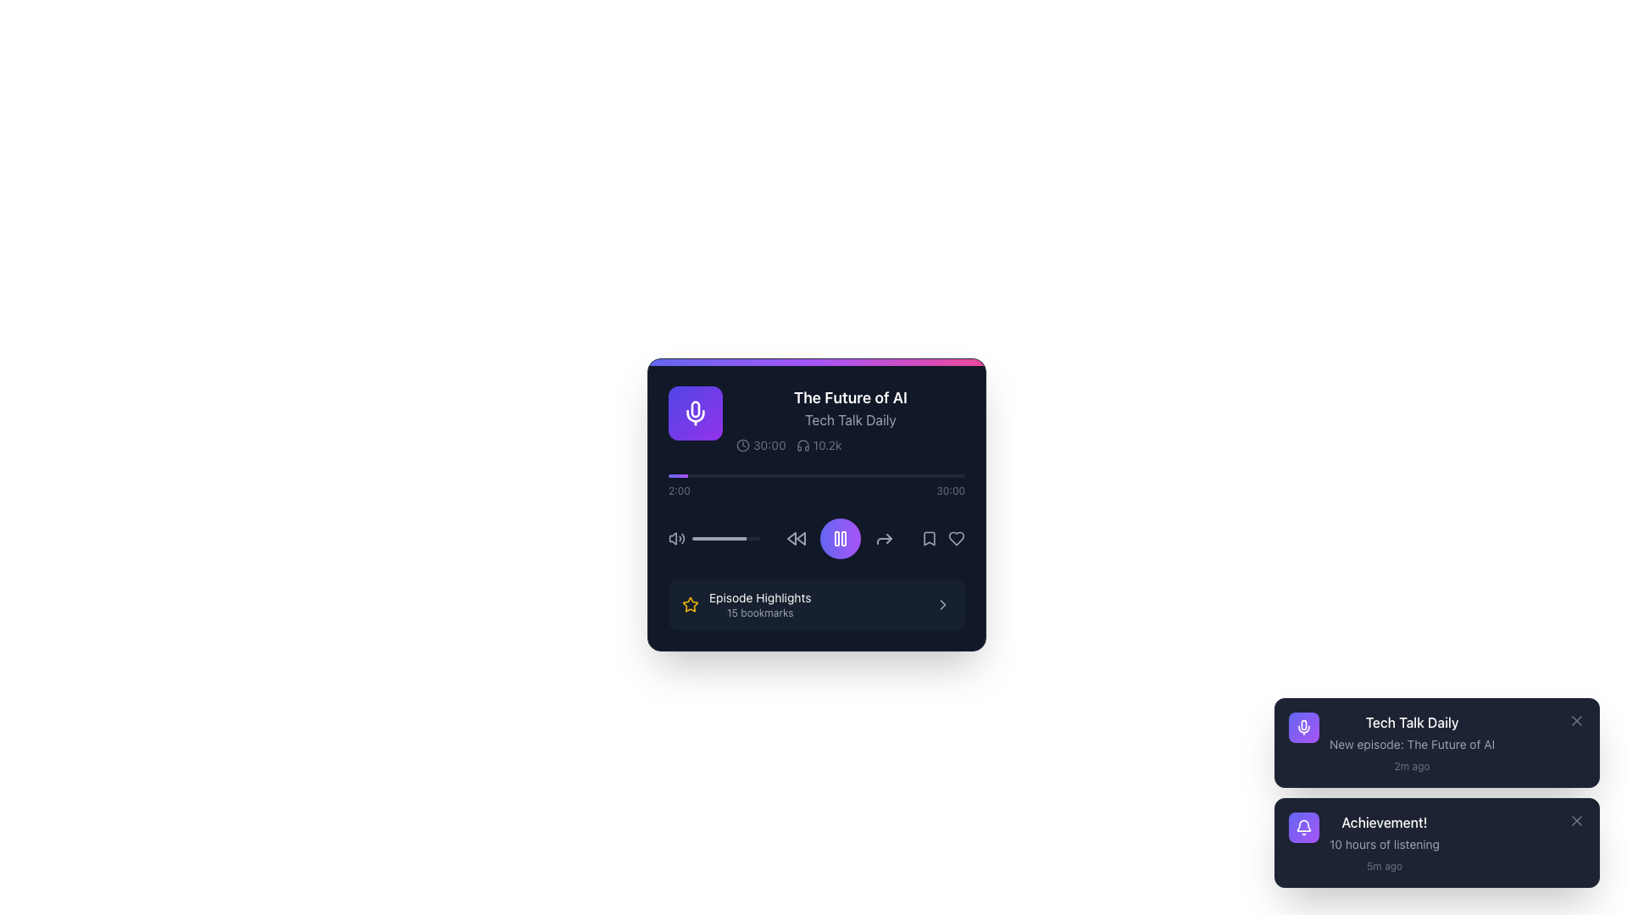 This screenshot has width=1627, height=915. I want to click on the progress bar, so click(754, 539).